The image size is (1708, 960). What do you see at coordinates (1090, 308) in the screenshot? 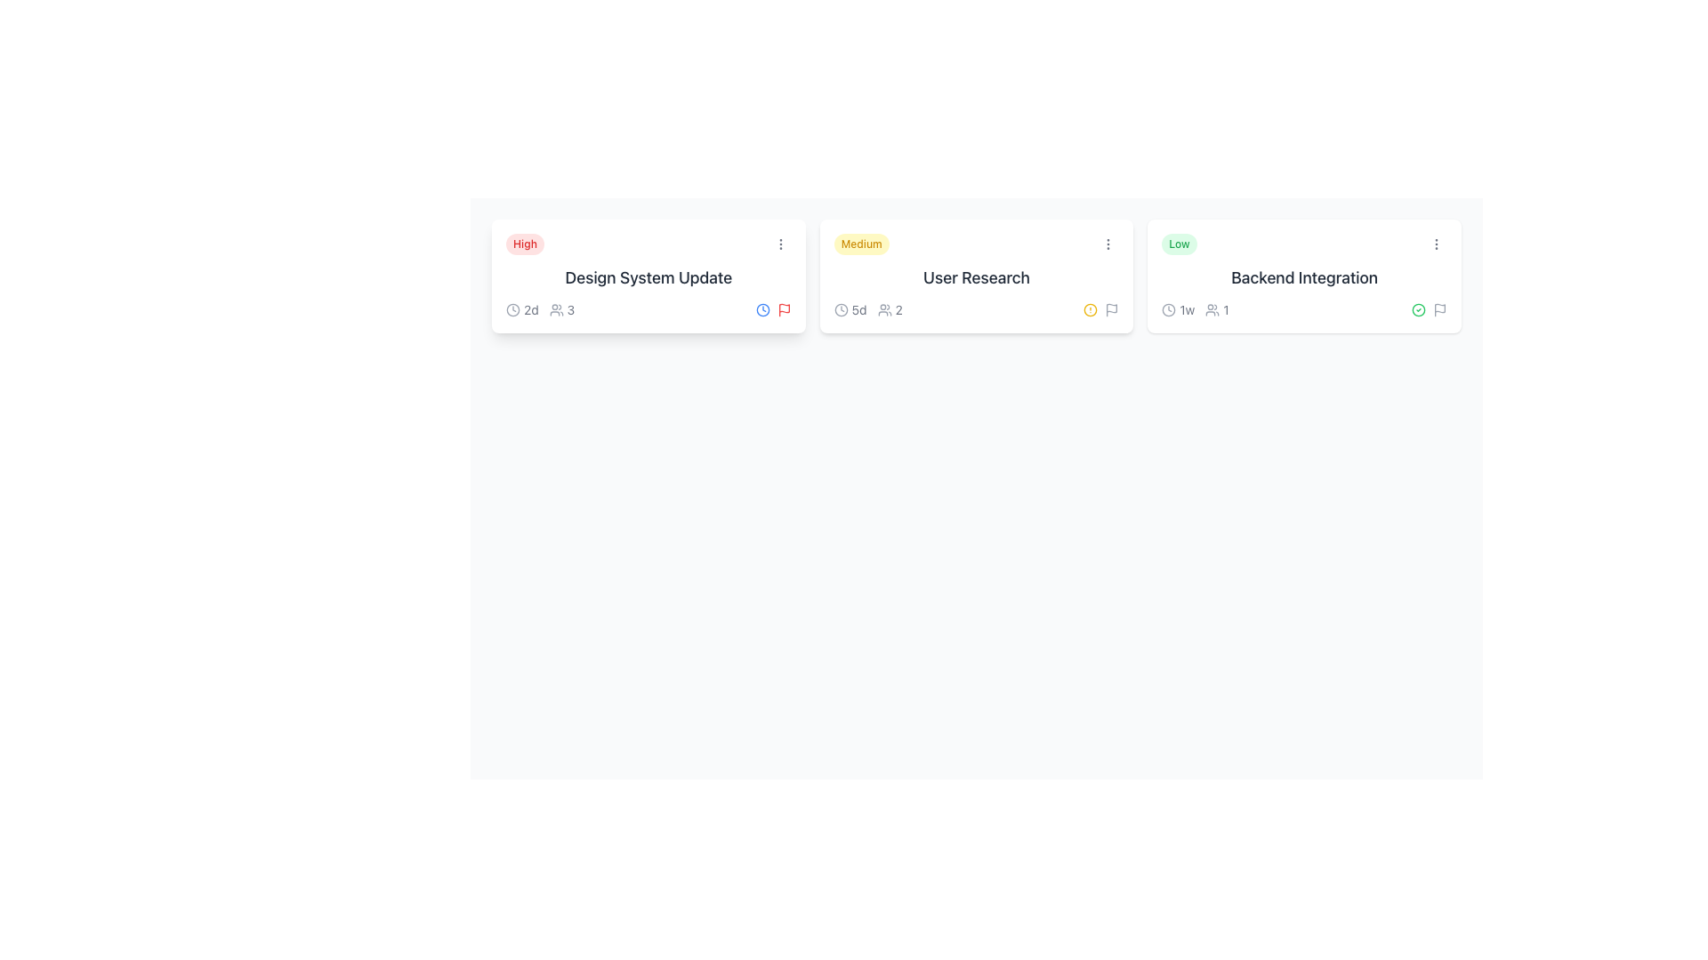
I see `SVG circle shape within the icon located in the 'User Research' card under the 'Medium' priority label by clicking on it` at bounding box center [1090, 308].